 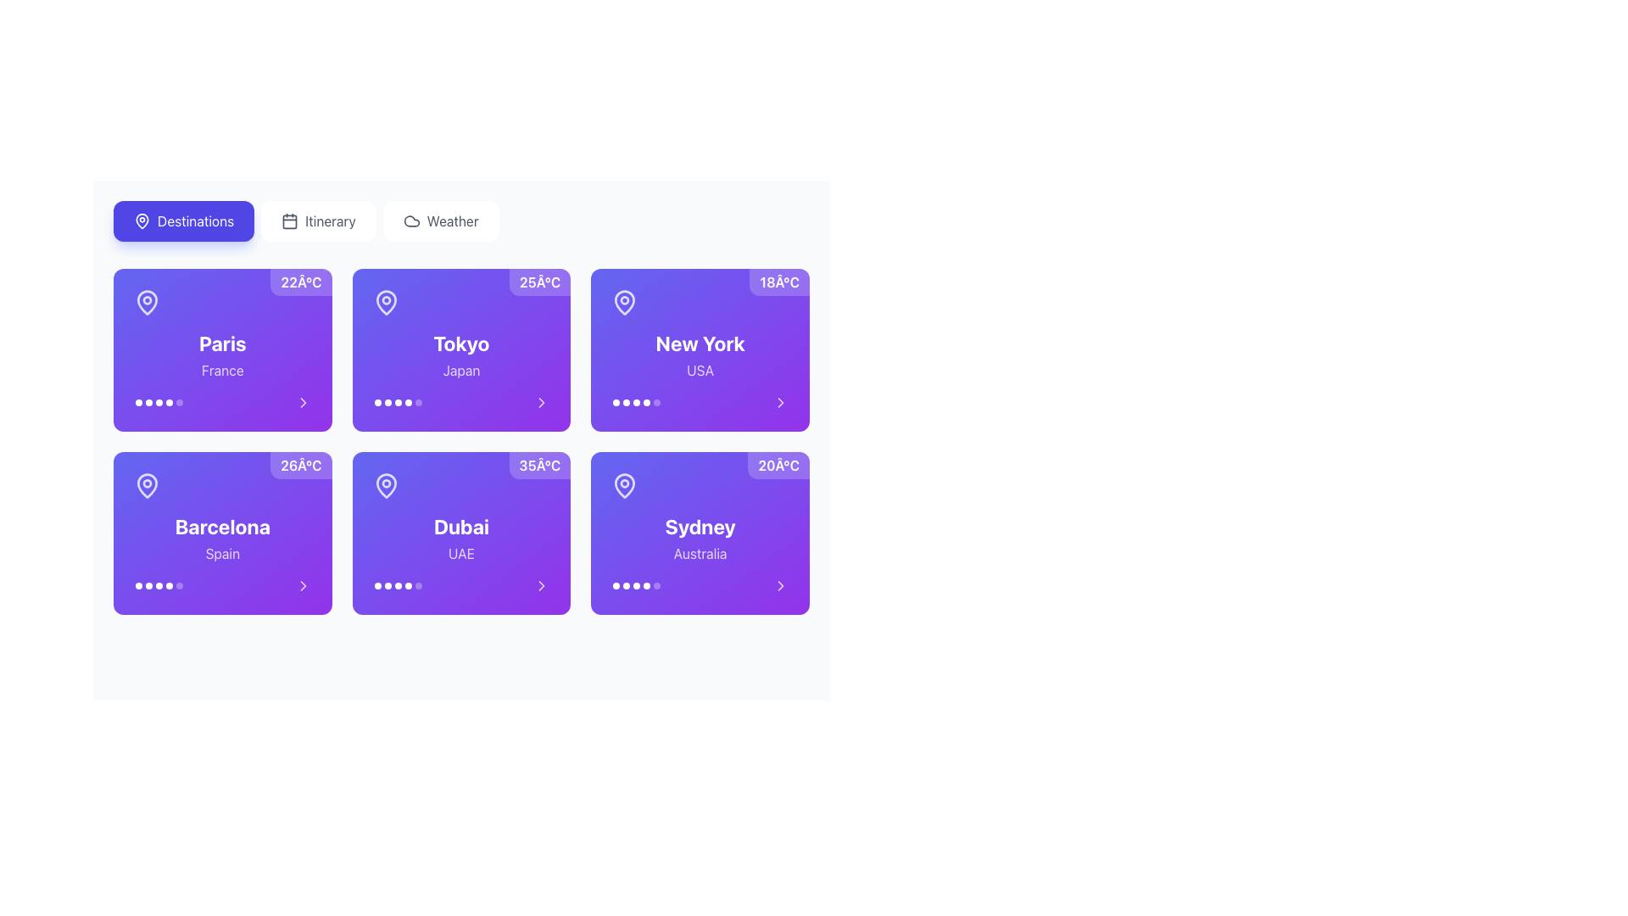 What do you see at coordinates (624, 486) in the screenshot?
I see `the map pin icon located at the top-left corner of the 'Sydney' card, which features a purple background and a white outline, to represent geographical locations` at bounding box center [624, 486].